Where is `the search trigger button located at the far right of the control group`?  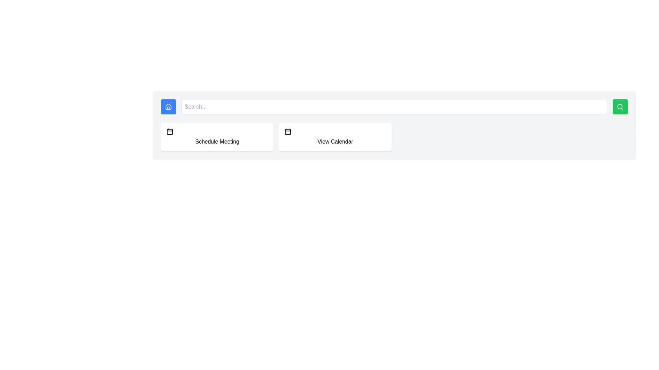
the search trigger button located at the far right of the control group is located at coordinates (620, 107).